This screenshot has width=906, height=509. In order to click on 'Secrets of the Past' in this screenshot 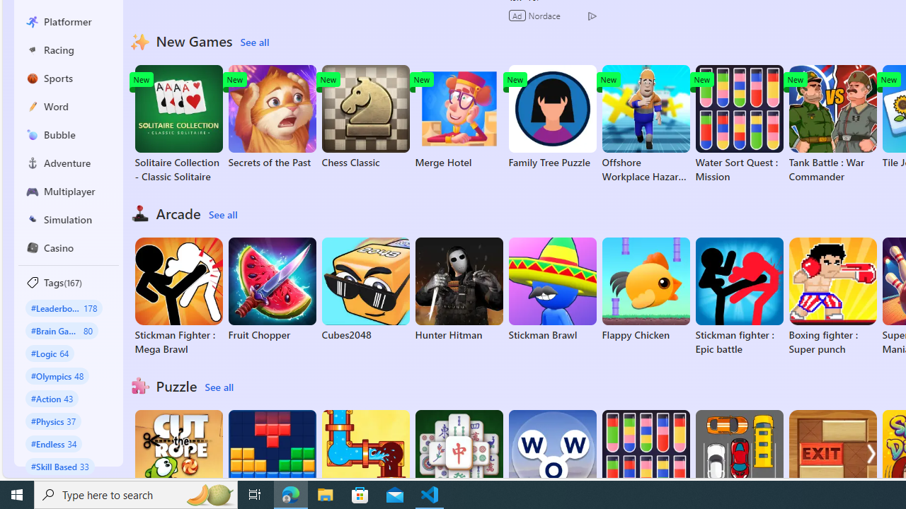, I will do `click(272, 116)`.